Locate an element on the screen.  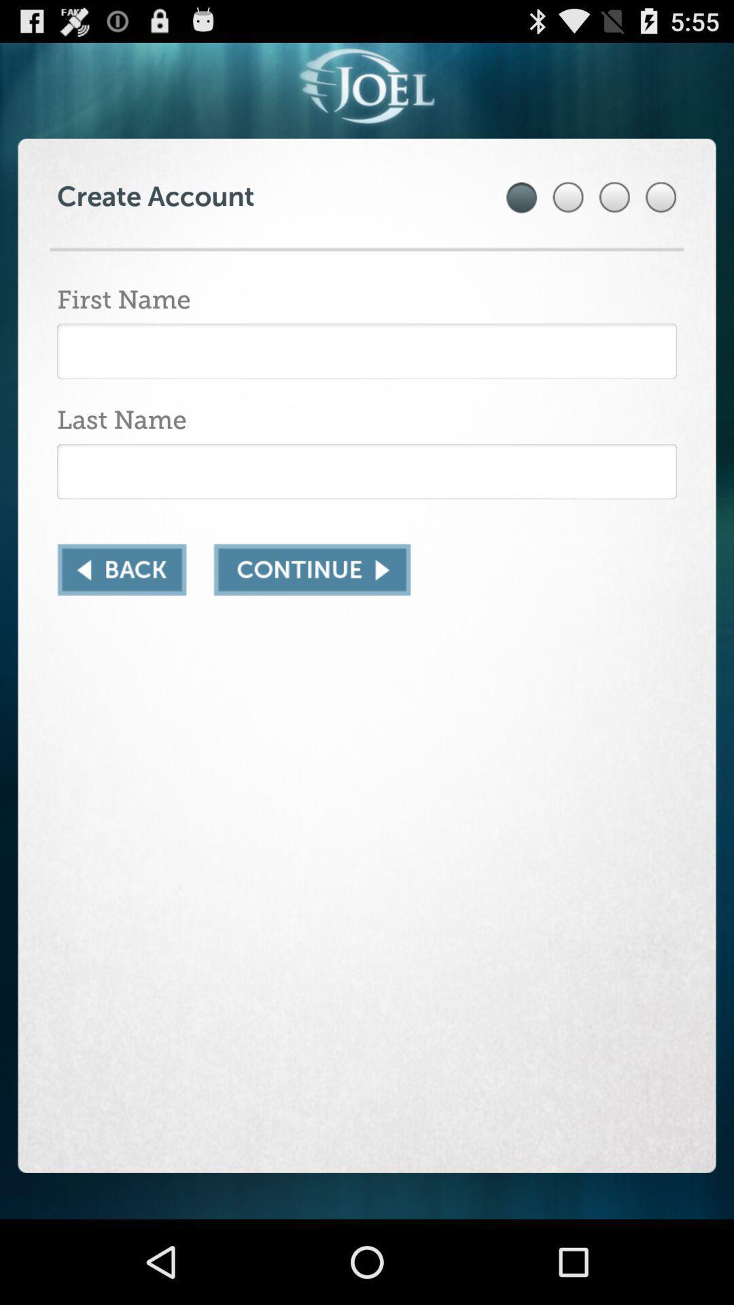
continue is located at coordinates (312, 570).